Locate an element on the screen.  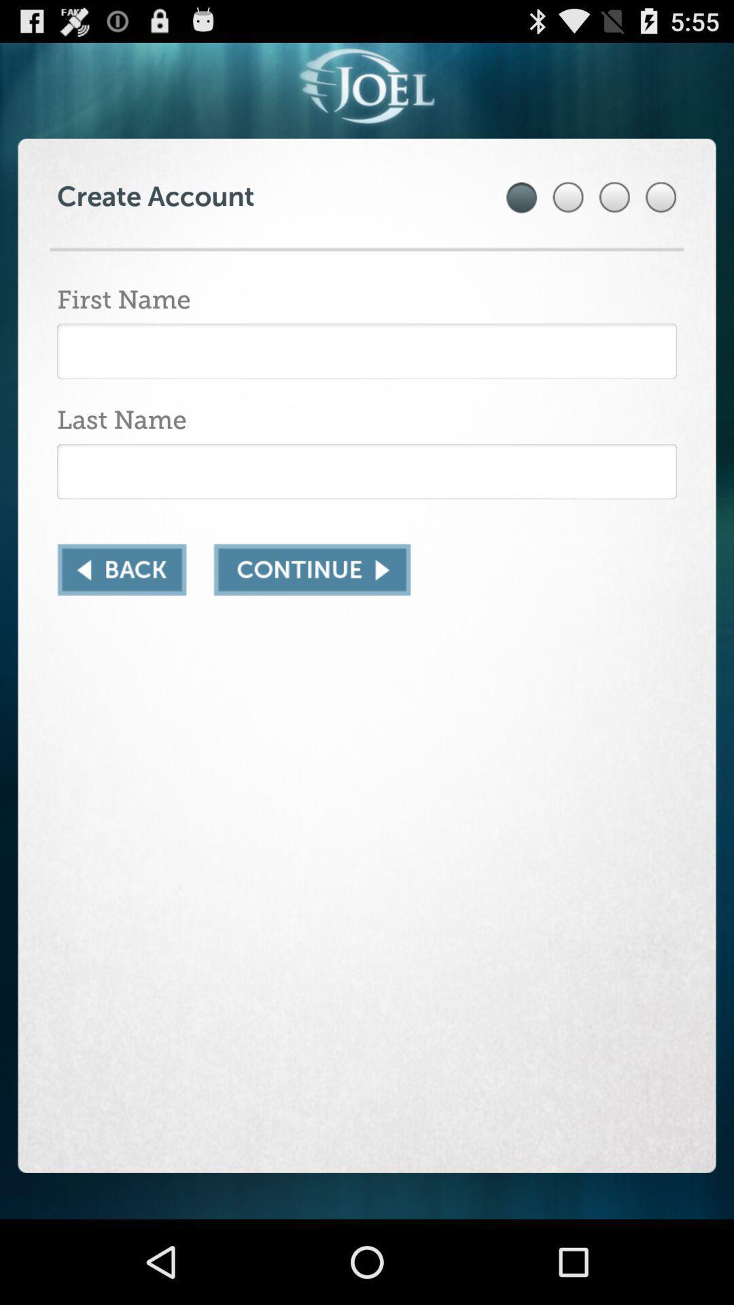
continue is located at coordinates (312, 570).